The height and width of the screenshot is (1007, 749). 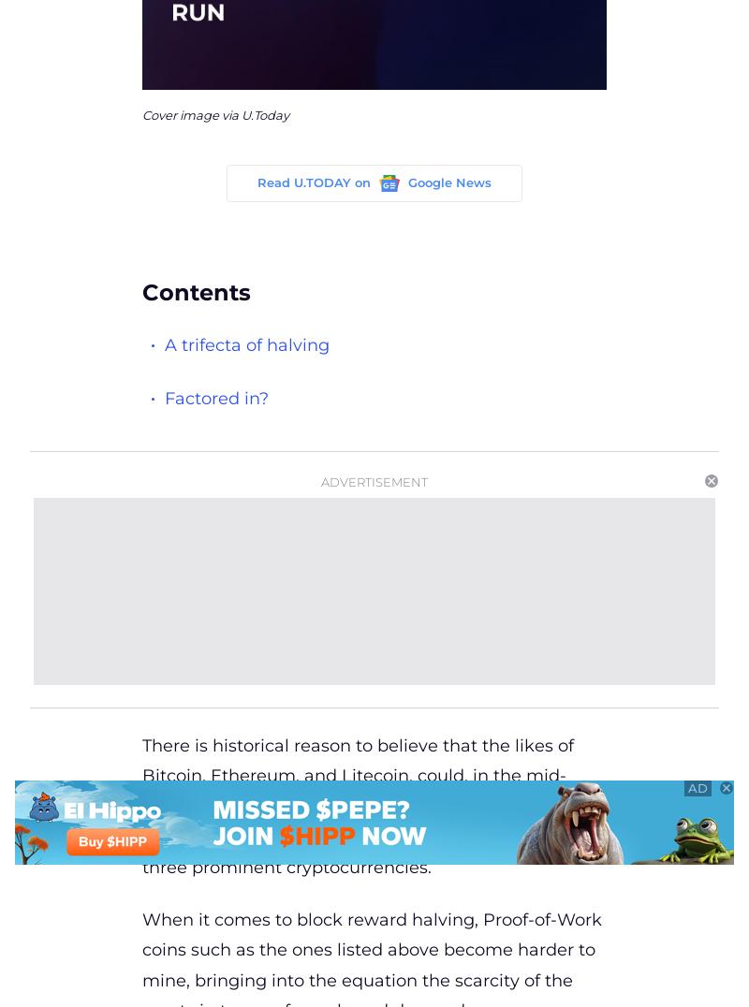 I want to click on 'There is historical reason to believe that the likes of Bitcoin, Ethereum, and Litecoin, could, in the mid-term future, start a bit of a bull run because of their block reward halving, which is approaching for the three prominent cryptocurrencies.', so click(x=358, y=806).